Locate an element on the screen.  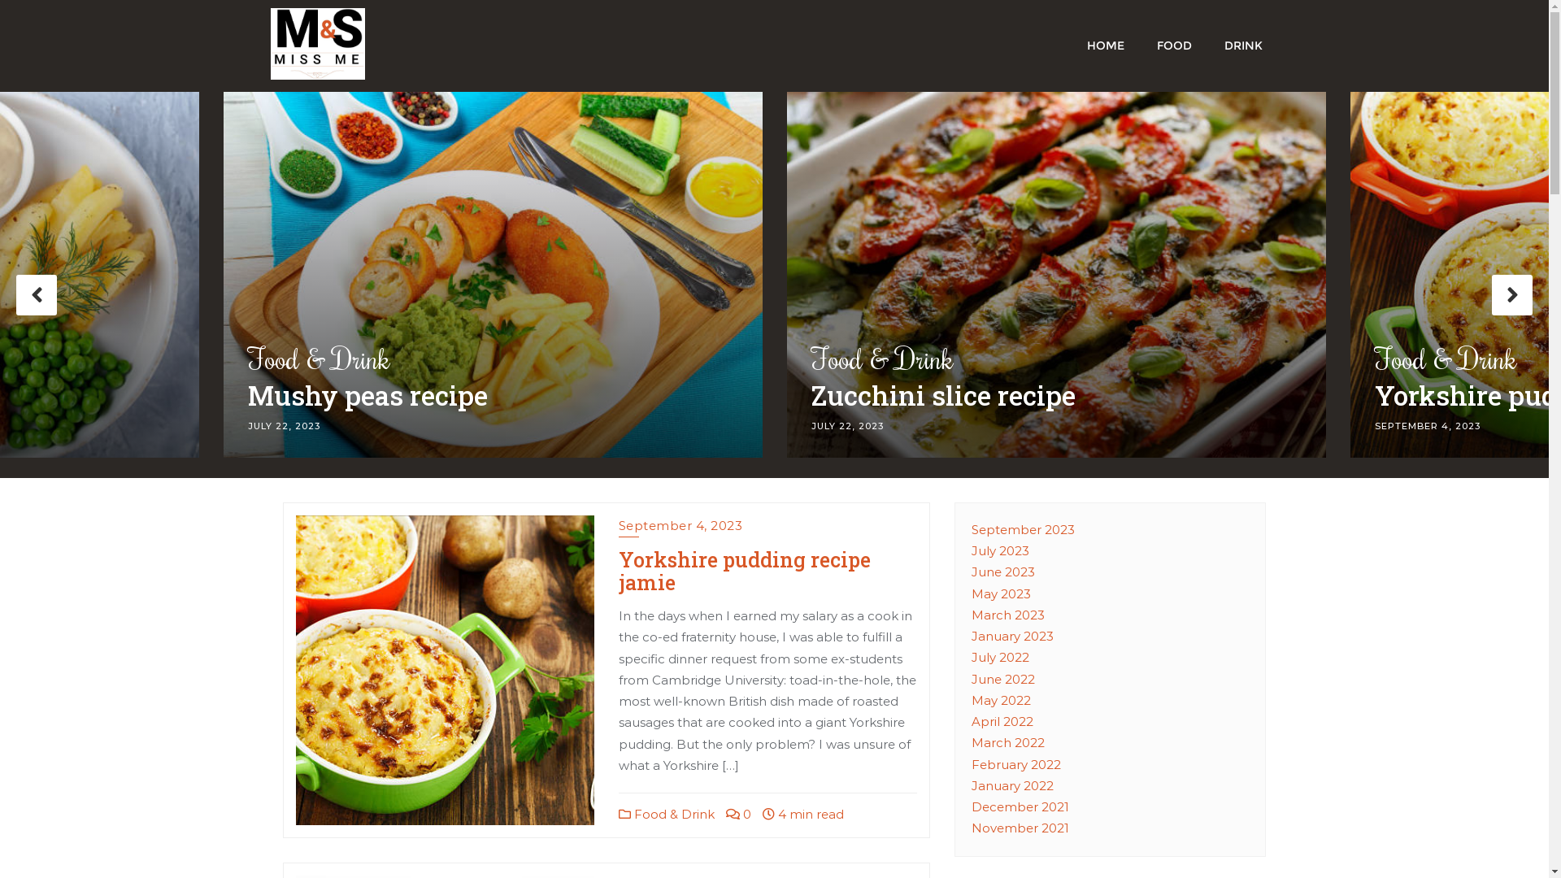
'HOME' is located at coordinates (1104, 43).